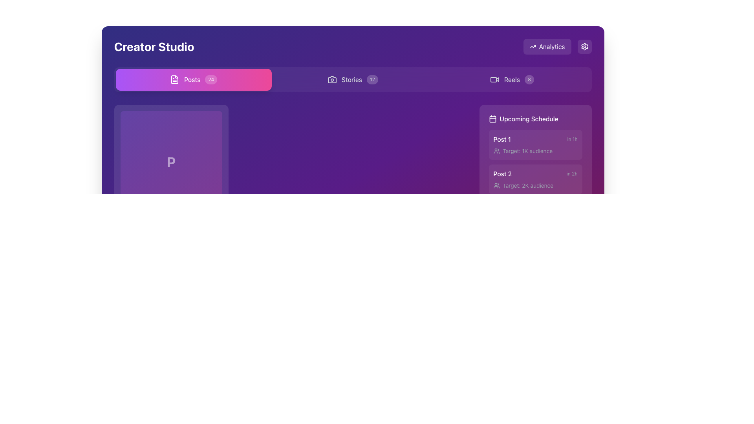  I want to click on the information displayed on the badge showing the number '12', which is located next to the 'Stories' text in the navigation bar, so click(372, 80).